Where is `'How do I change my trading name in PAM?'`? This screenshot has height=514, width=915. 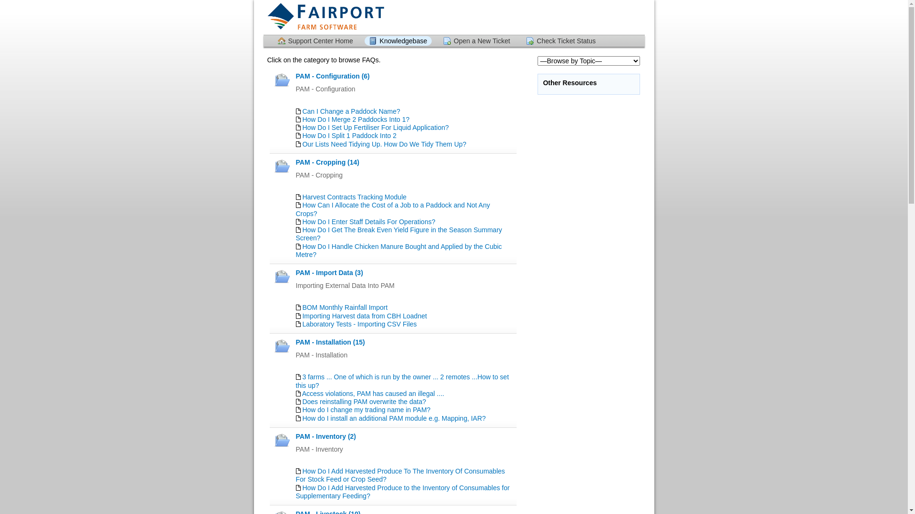 'How do I change my trading name in PAM?' is located at coordinates (366, 409).